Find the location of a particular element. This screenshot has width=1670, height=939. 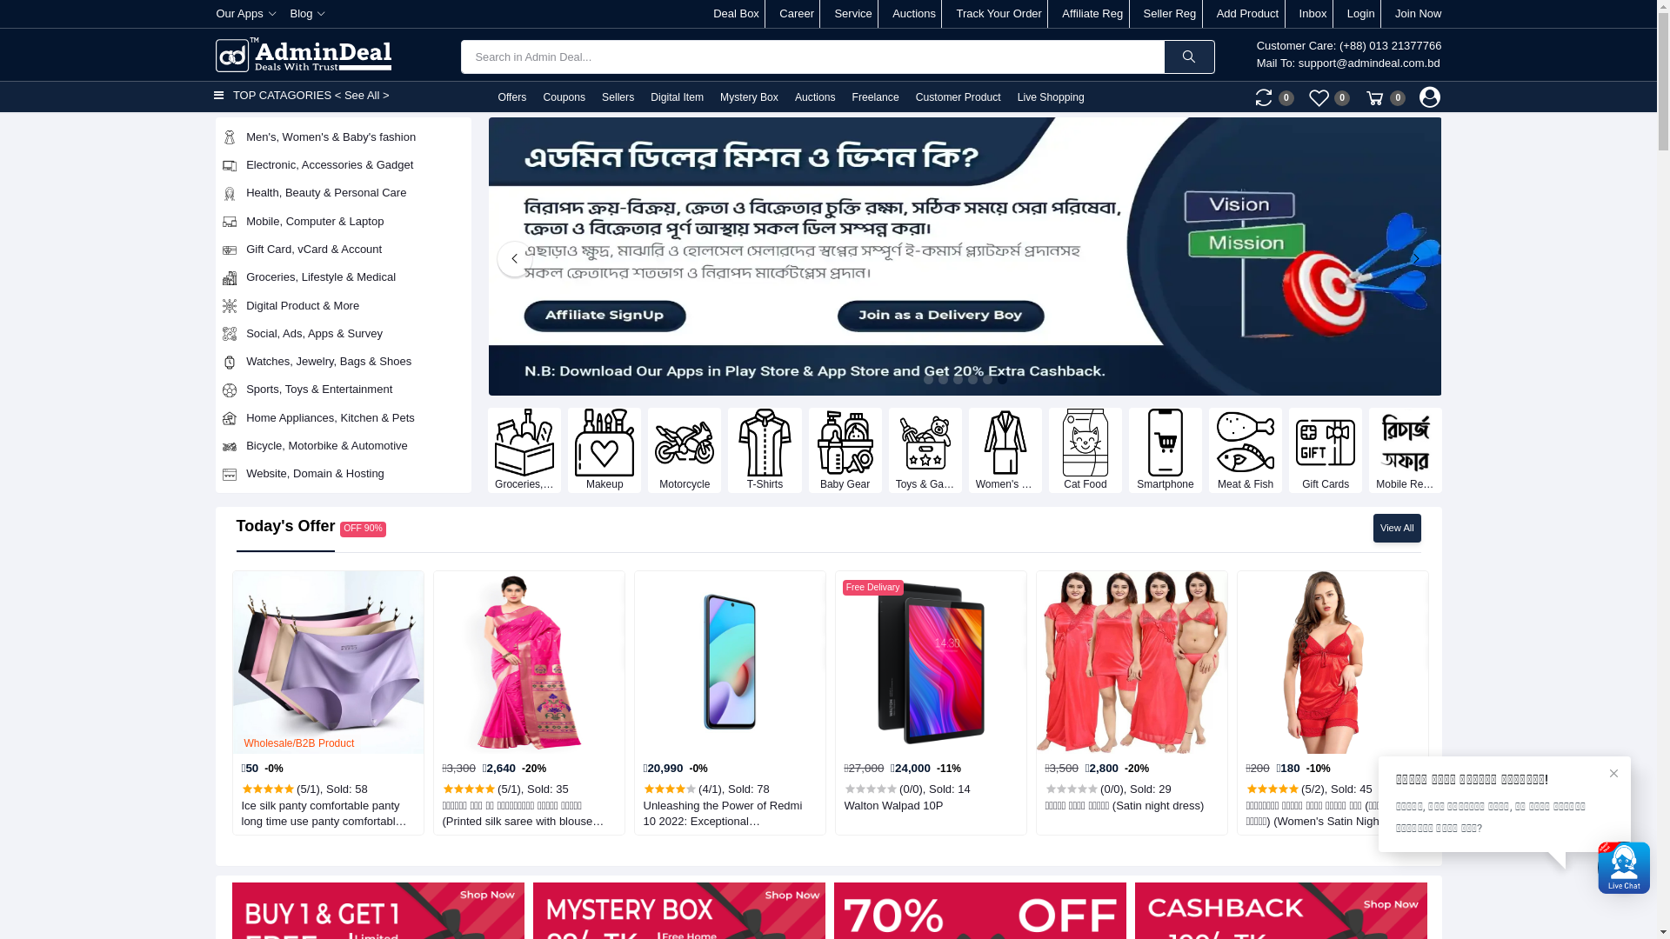

'Digital Product & More' is located at coordinates (344, 304).